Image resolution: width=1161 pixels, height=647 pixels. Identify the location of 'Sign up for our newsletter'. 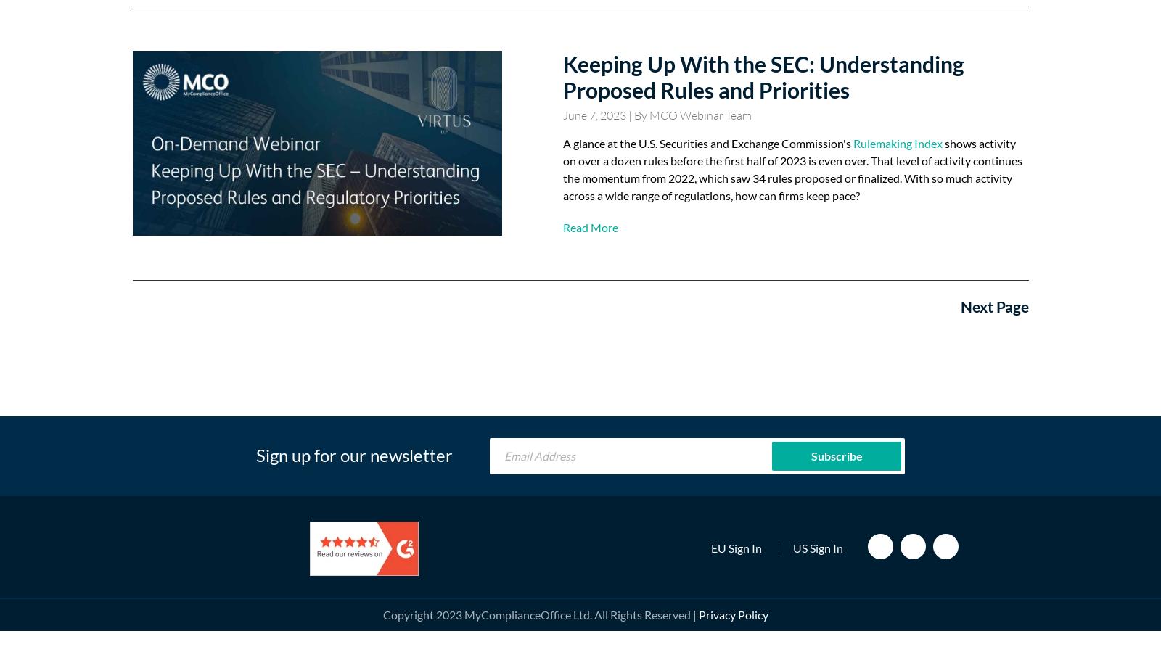
(255, 454).